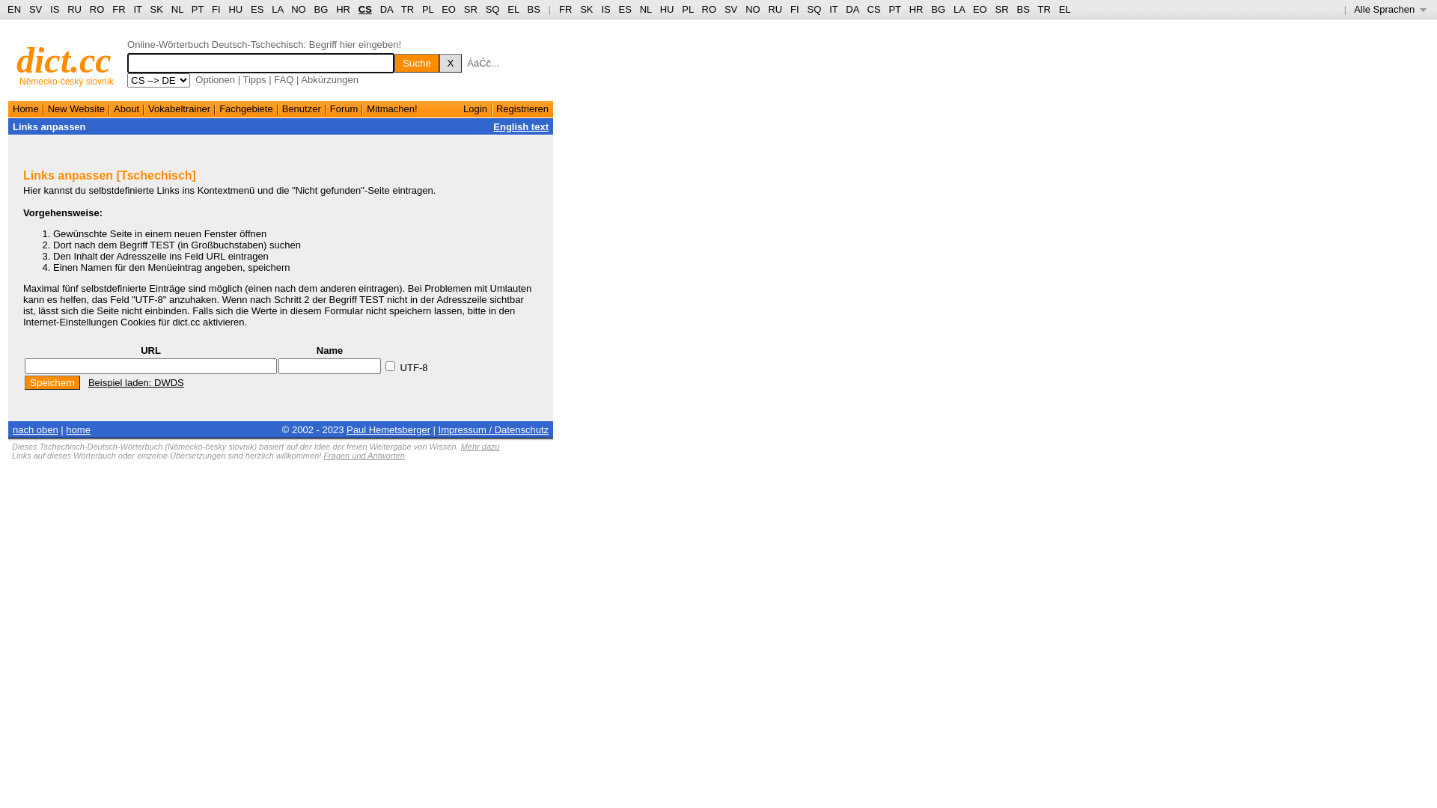 The height and width of the screenshot is (808, 1437). I want to click on 'HR', so click(342, 9).